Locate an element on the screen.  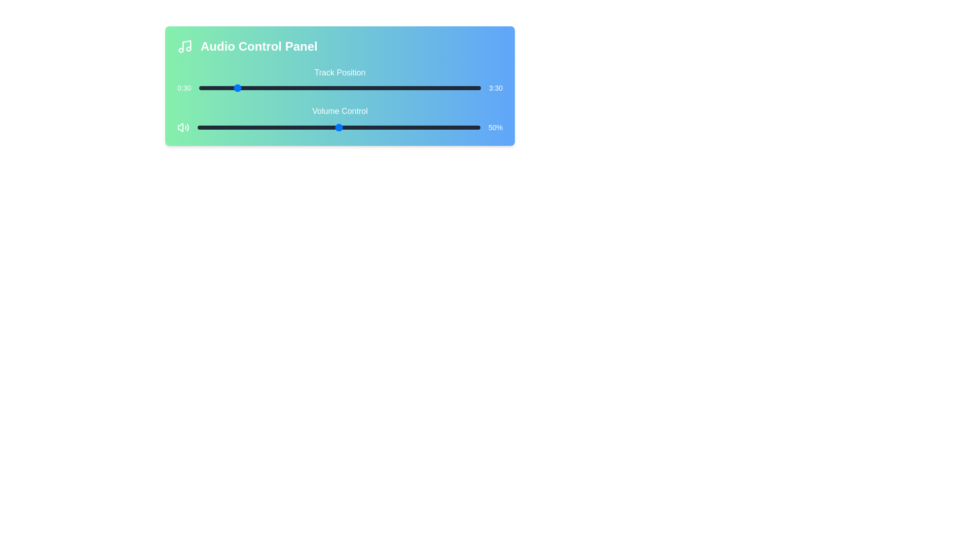
the volume level to 50% is located at coordinates (339, 127).